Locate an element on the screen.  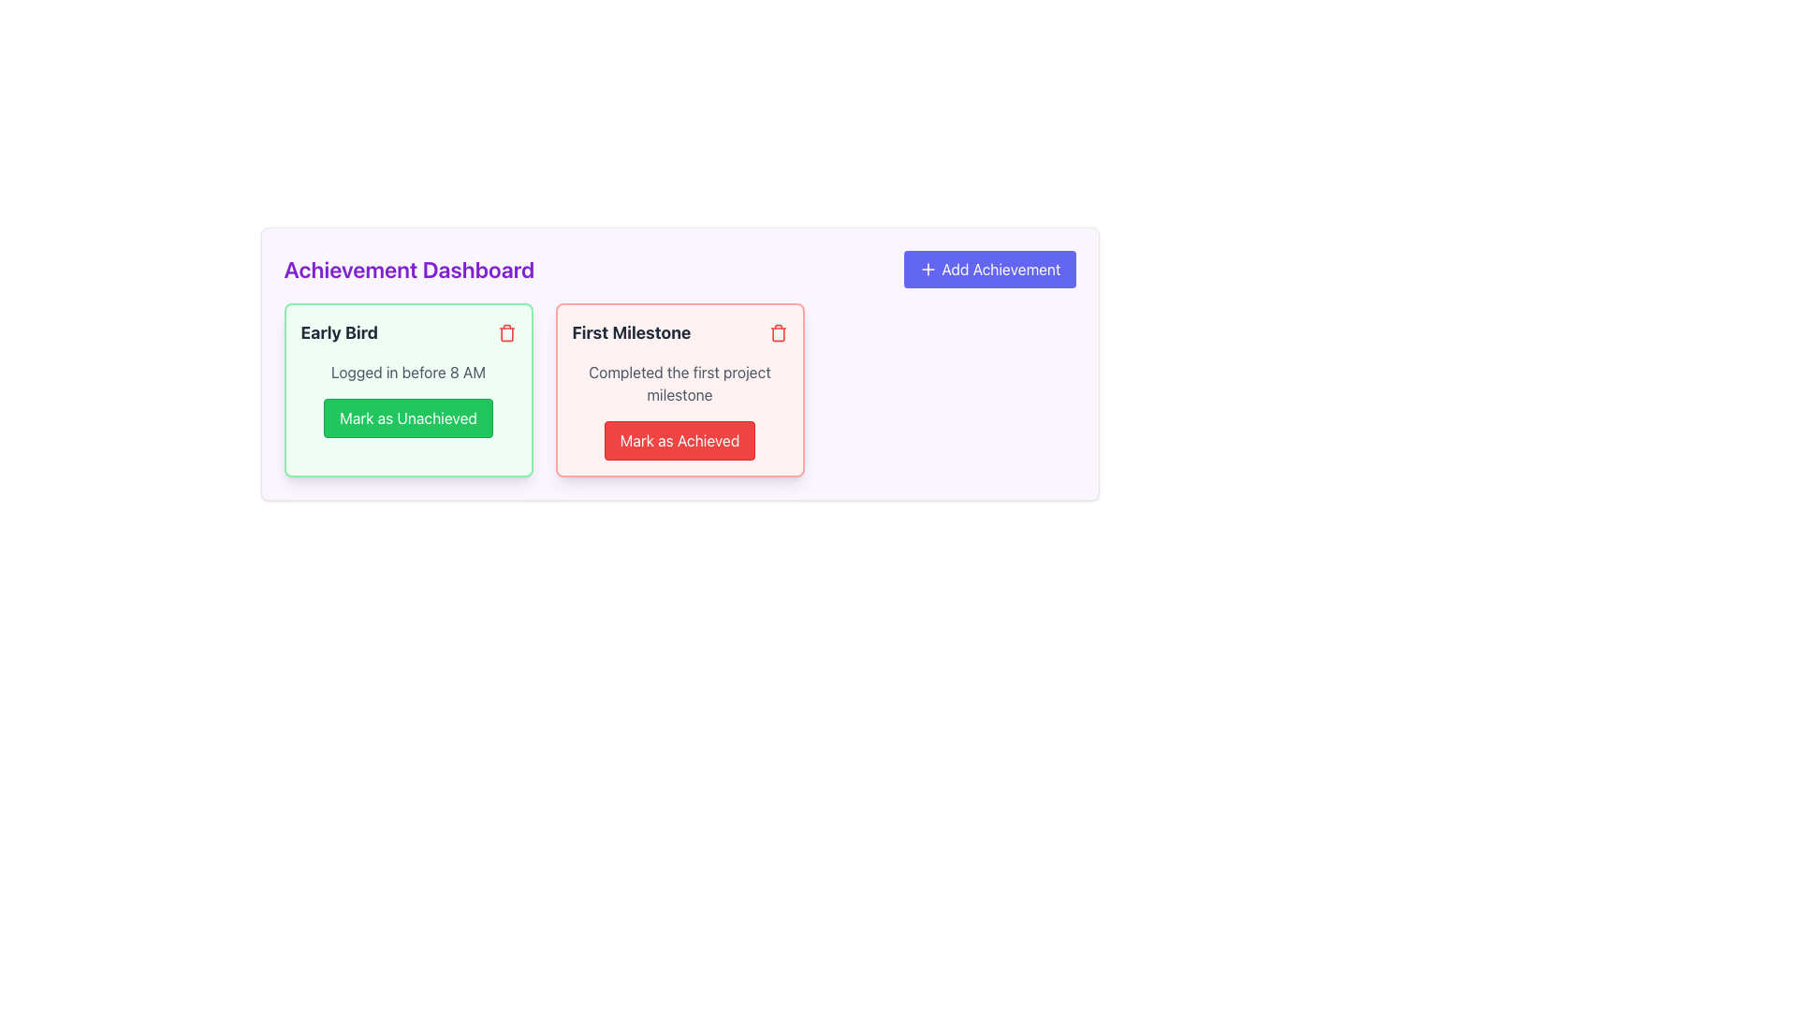
the blue button with the 'Add Achievement' text and plus icon located in the top-right corner of the interface is located at coordinates (928, 270).